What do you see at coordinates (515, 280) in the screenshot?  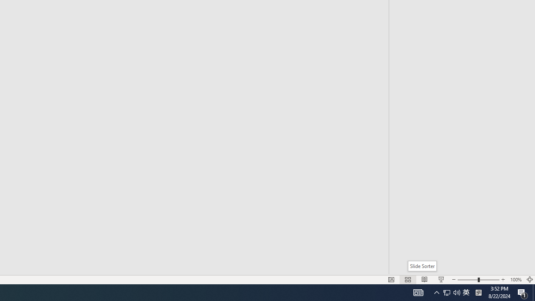 I see `'Zoom 100%'` at bounding box center [515, 280].